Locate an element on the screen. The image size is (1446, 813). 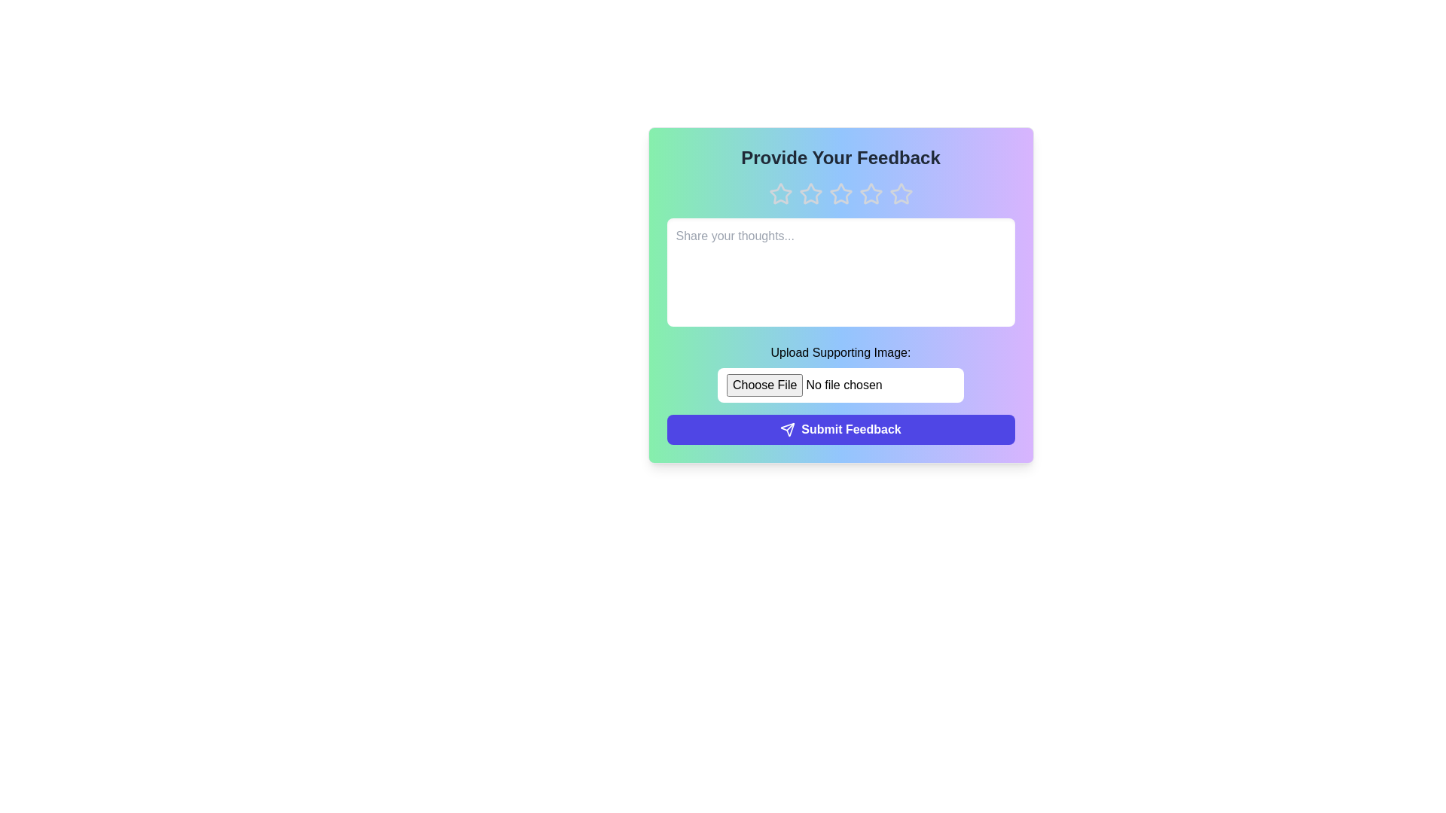
the third star icon in the series of five is located at coordinates (840, 193).